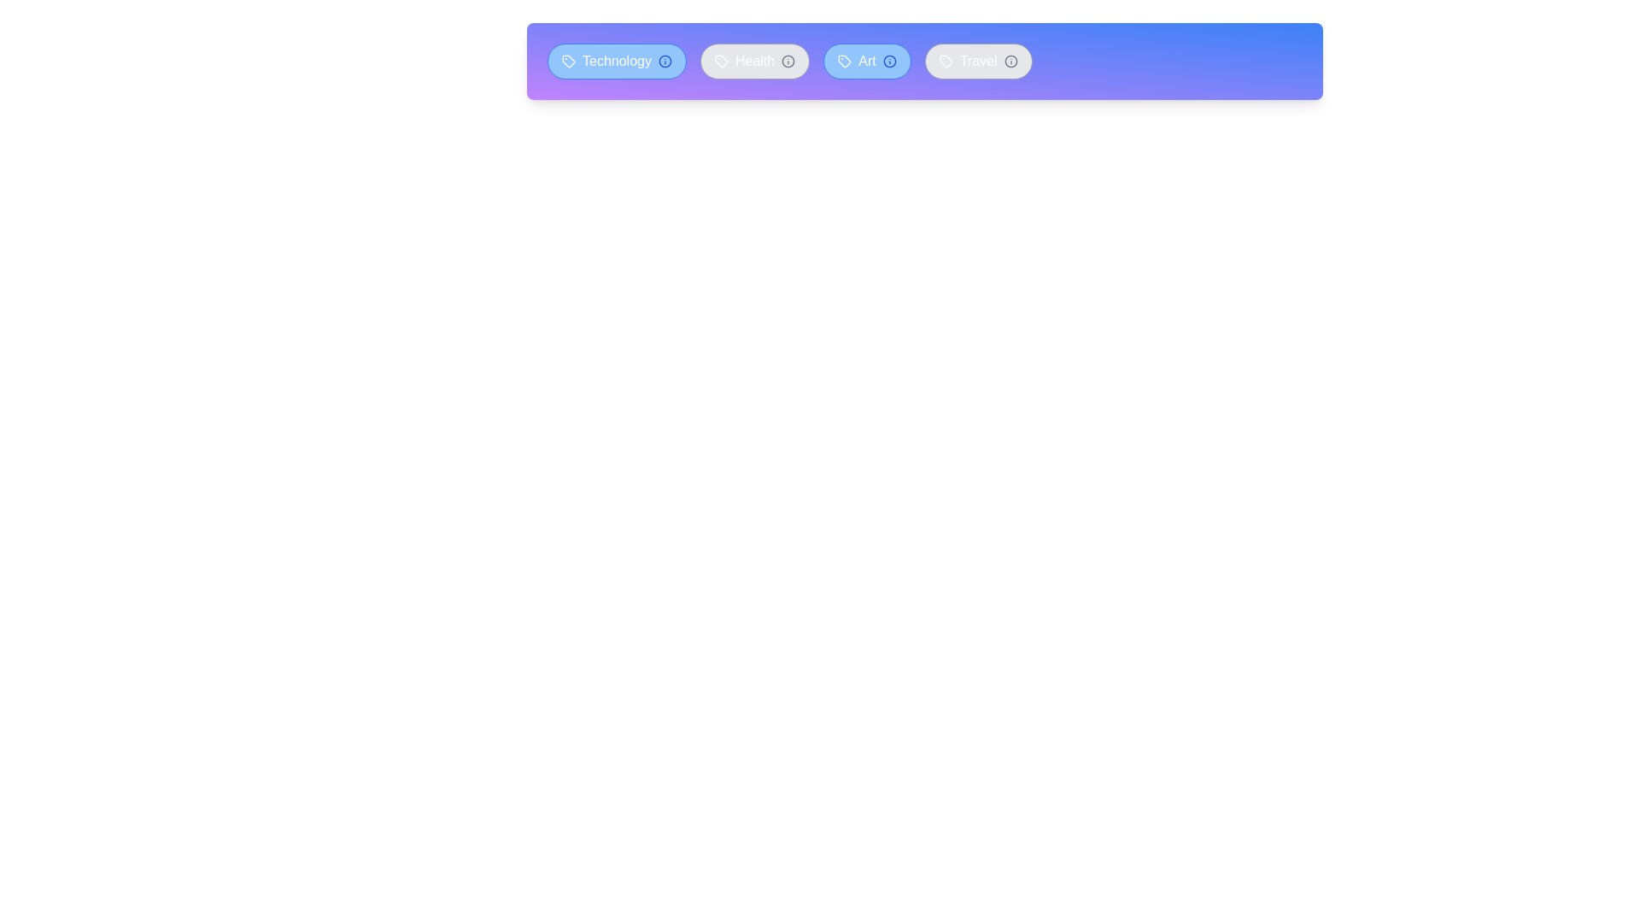 This screenshot has width=1640, height=923. What do you see at coordinates (721, 61) in the screenshot?
I see `the icon within the tag labeled 'Health'` at bounding box center [721, 61].